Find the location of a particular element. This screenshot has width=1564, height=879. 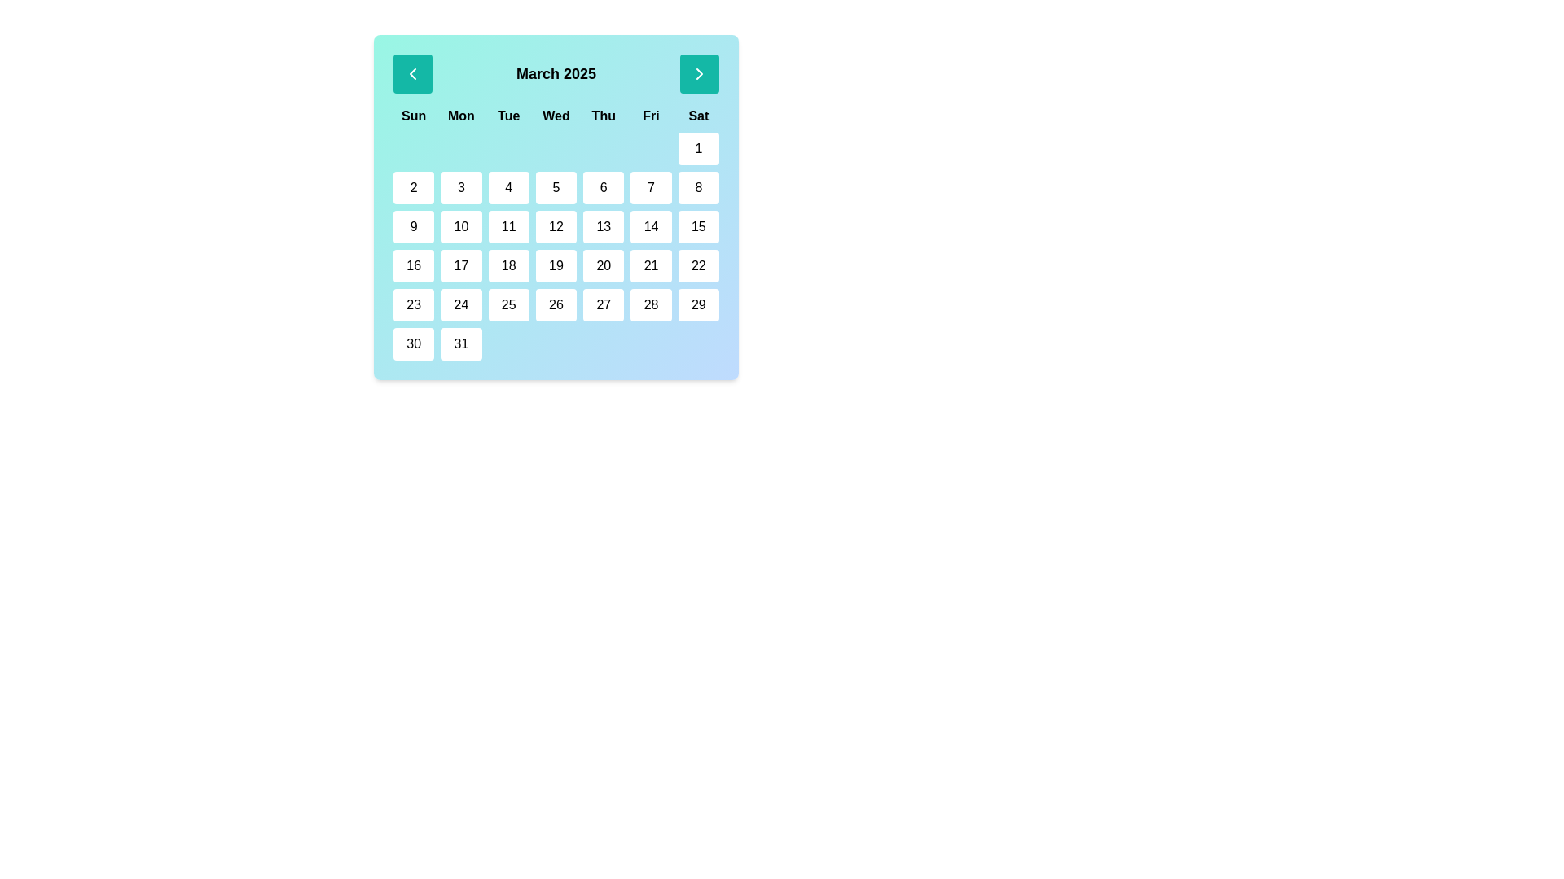

the text label displaying 'March 2025', which is bold and large in a sans-serif font, located at the top of the calendar interface, centered horizontally is located at coordinates (556, 74).